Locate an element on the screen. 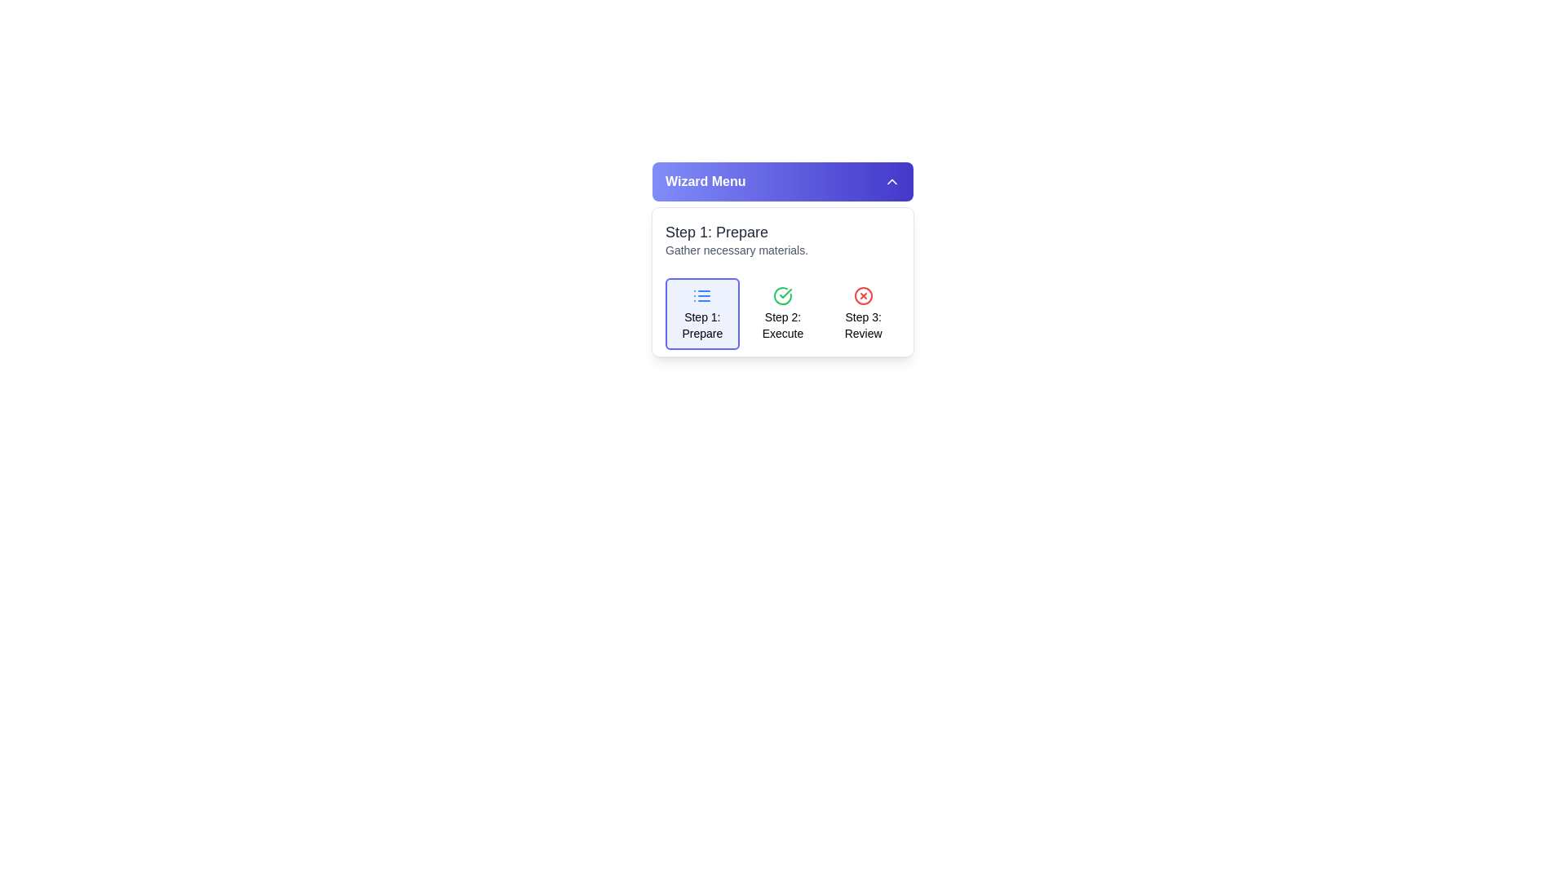  the interactive button labeled 'Step 1: Prepare' is located at coordinates (702, 313).